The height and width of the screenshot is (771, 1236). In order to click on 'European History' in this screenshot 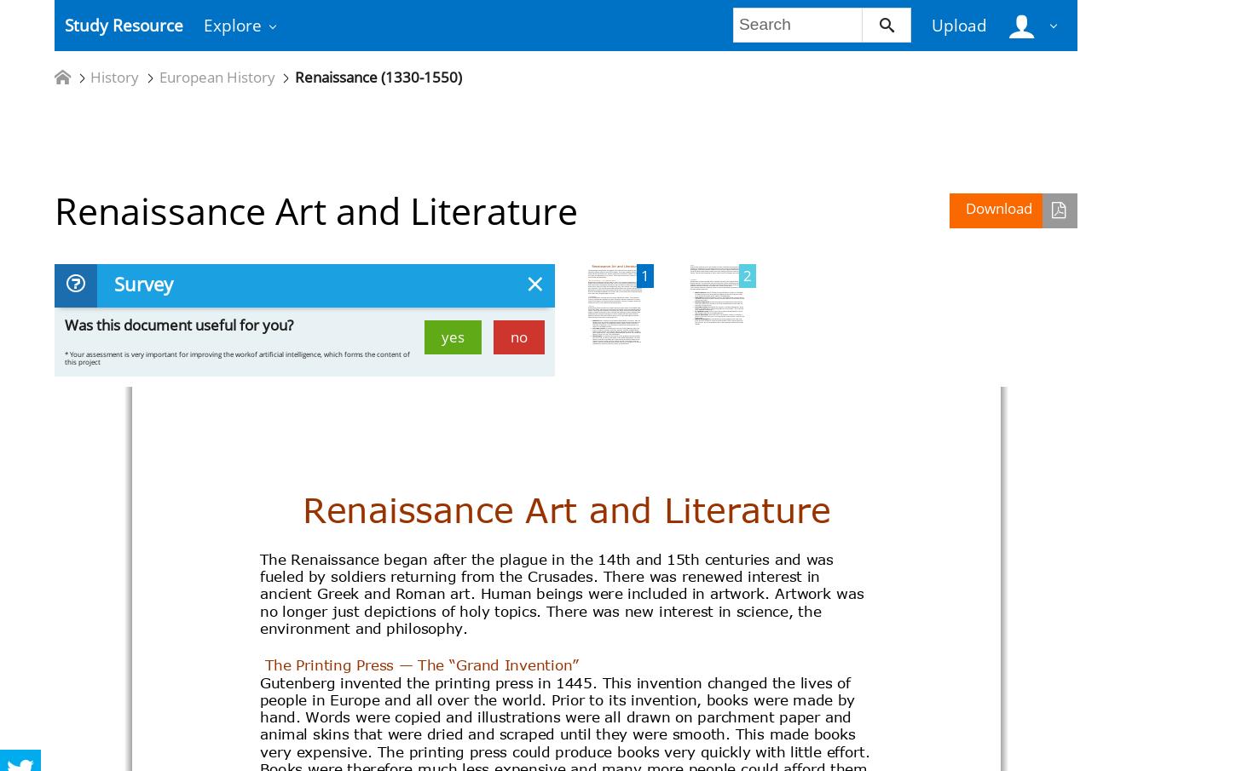, I will do `click(217, 77)`.